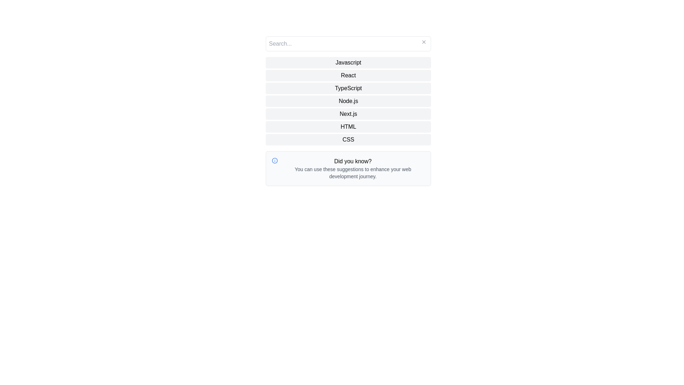 The width and height of the screenshot is (684, 385). I want to click on the 'React' tab, which is the second button in a vertically arranged list of seven tabs, so click(348, 76).